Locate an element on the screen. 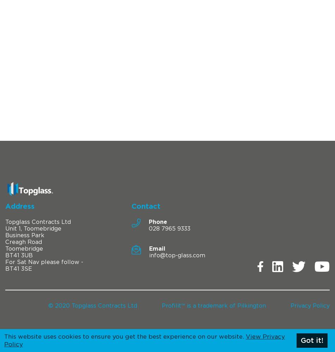 This screenshot has width=335, height=352. 'info@top-glass.com' is located at coordinates (148, 255).